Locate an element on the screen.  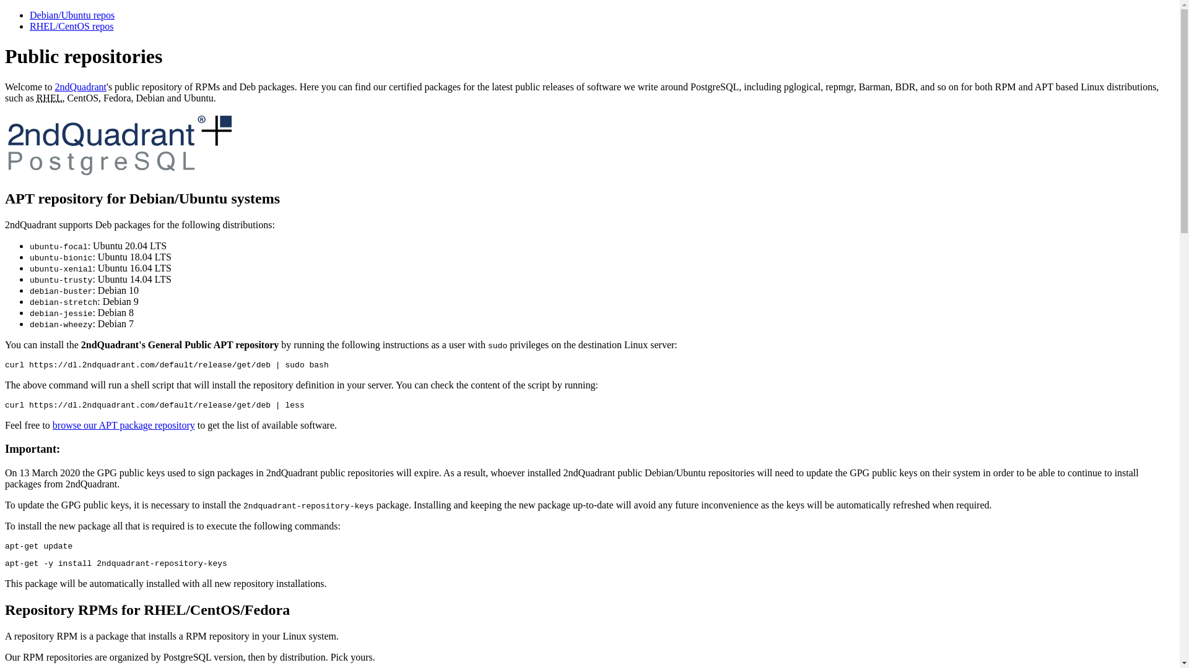
'browse our APT package repository' is located at coordinates (52, 424).